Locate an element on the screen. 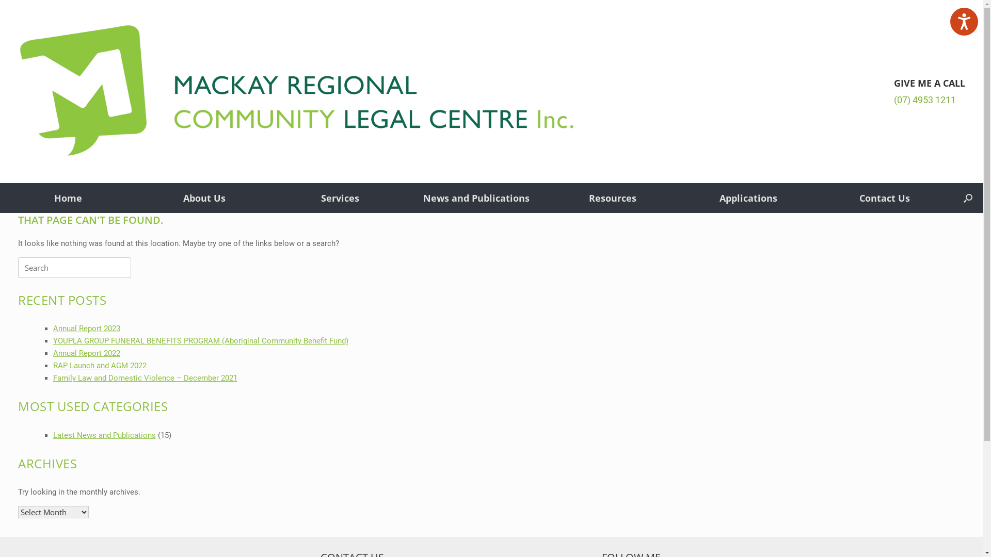 This screenshot has width=991, height=557. 'Services' is located at coordinates (340, 198).